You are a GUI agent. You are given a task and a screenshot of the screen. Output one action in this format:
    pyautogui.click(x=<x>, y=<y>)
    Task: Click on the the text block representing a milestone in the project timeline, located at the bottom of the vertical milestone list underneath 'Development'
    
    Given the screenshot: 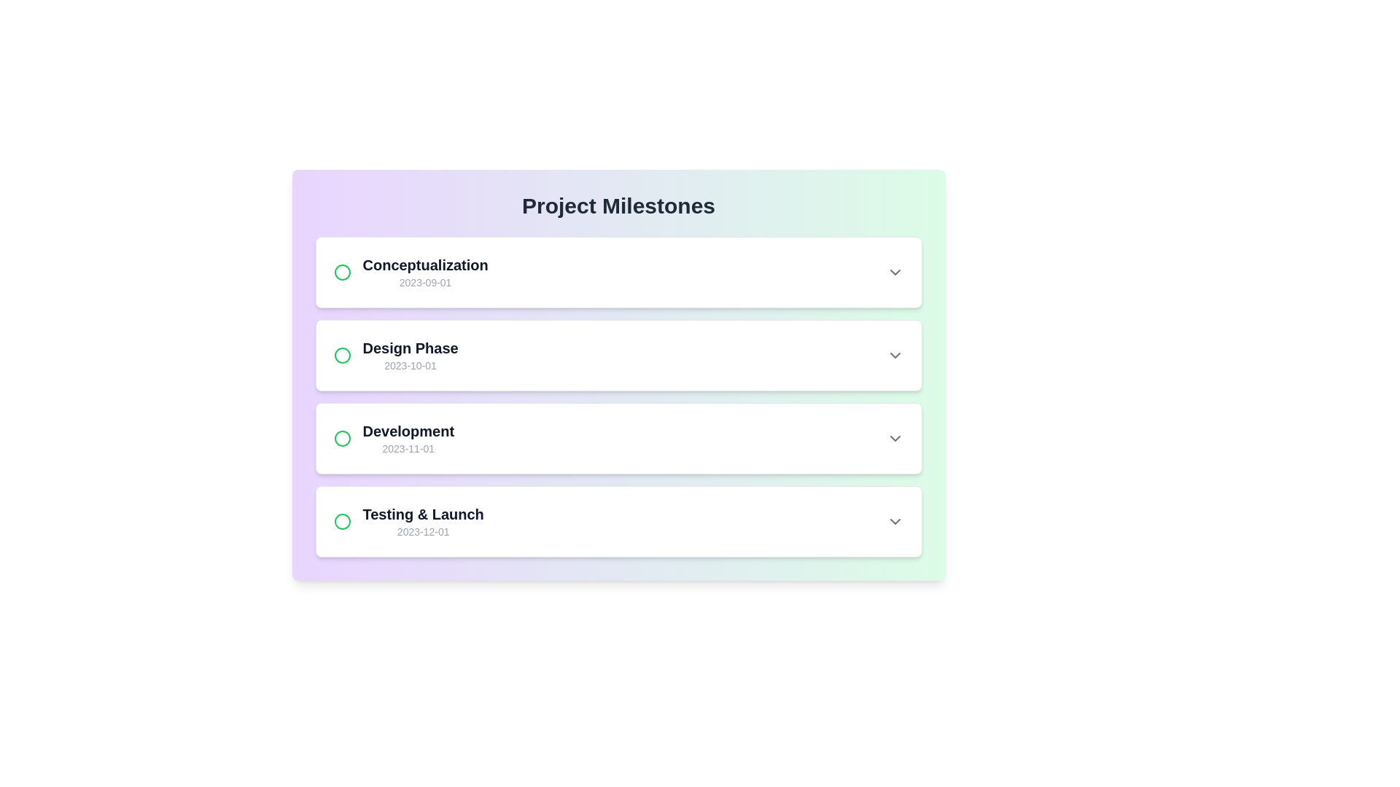 What is the action you would take?
    pyautogui.click(x=422, y=521)
    